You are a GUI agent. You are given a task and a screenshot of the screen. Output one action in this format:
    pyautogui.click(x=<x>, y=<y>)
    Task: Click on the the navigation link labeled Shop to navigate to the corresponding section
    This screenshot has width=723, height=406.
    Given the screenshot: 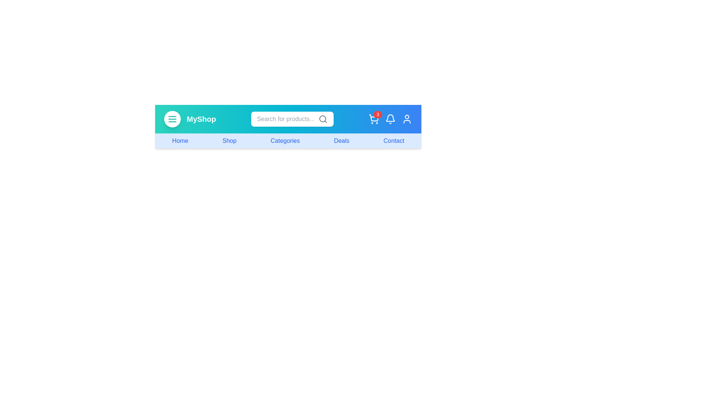 What is the action you would take?
    pyautogui.click(x=229, y=141)
    